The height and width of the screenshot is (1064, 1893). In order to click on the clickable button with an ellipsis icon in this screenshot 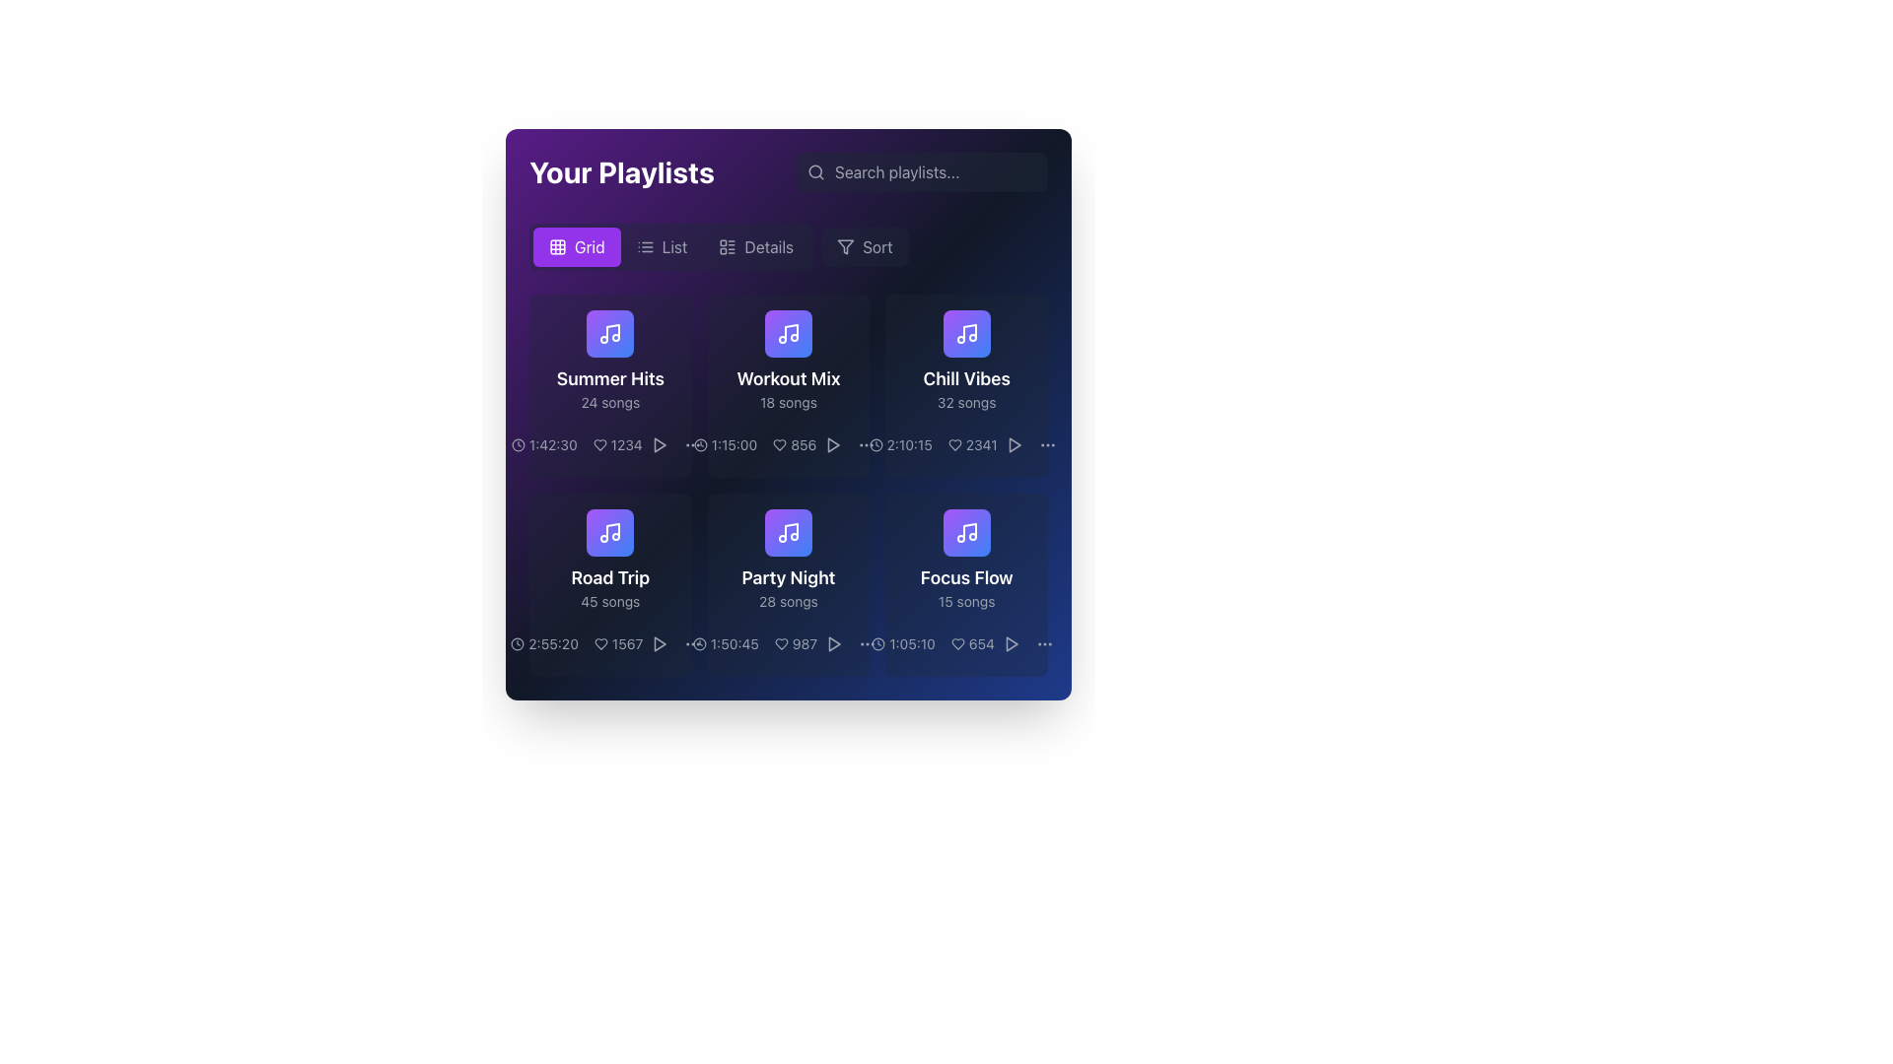, I will do `click(1046, 444)`.